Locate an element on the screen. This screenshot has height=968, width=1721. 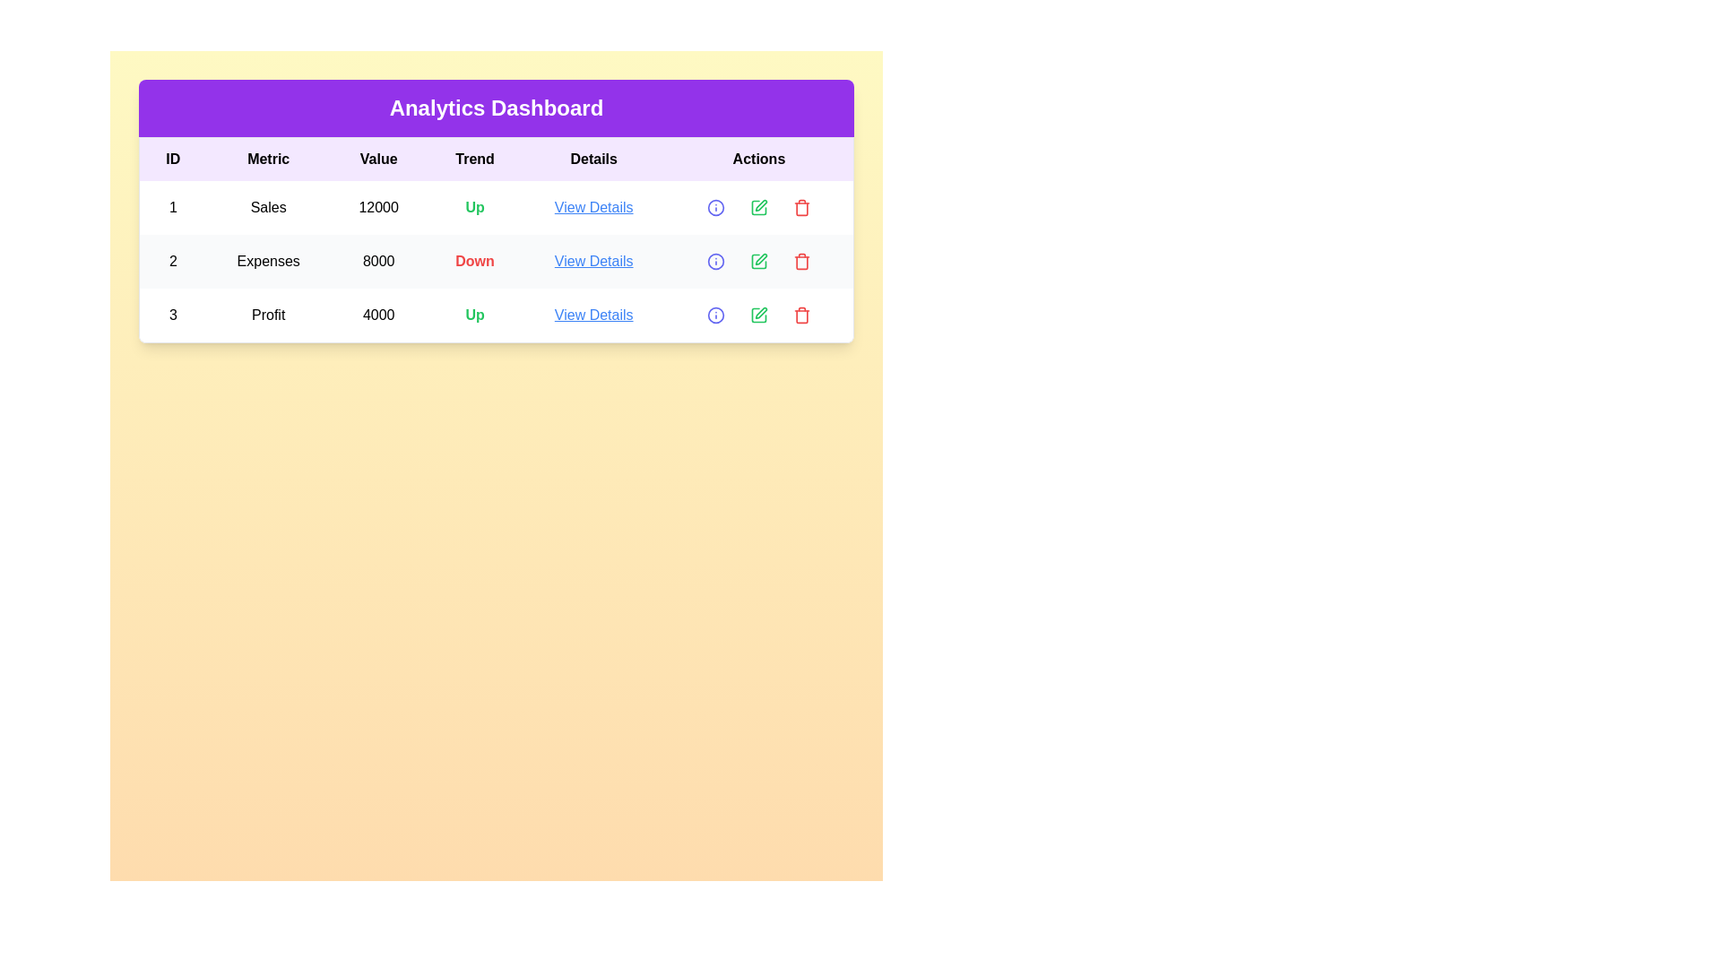
the edit icon in the Actions column of the third row in the Analytics Dashboard table is located at coordinates (758, 206).